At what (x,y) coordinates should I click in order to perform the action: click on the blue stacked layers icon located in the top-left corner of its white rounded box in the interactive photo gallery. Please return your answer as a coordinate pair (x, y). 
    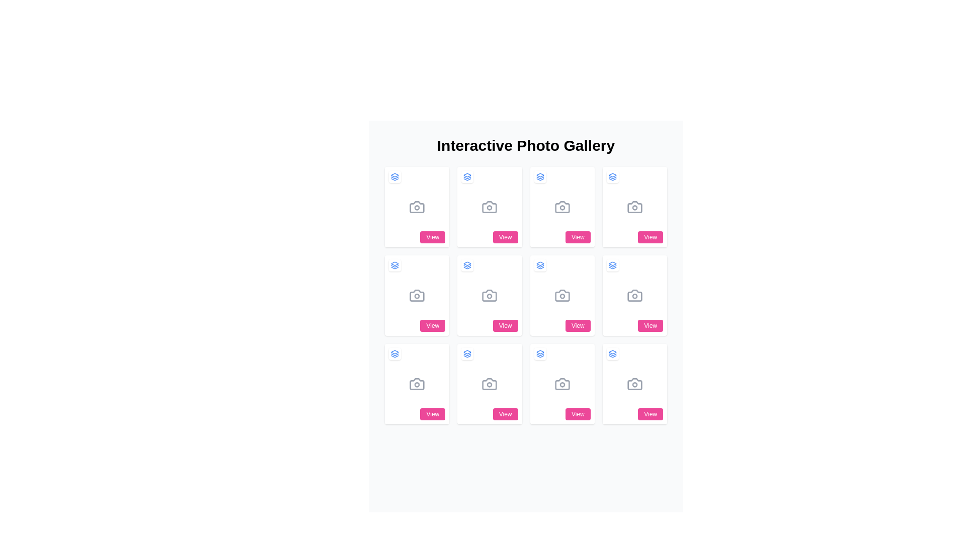
    Looking at the image, I should click on (612, 176).